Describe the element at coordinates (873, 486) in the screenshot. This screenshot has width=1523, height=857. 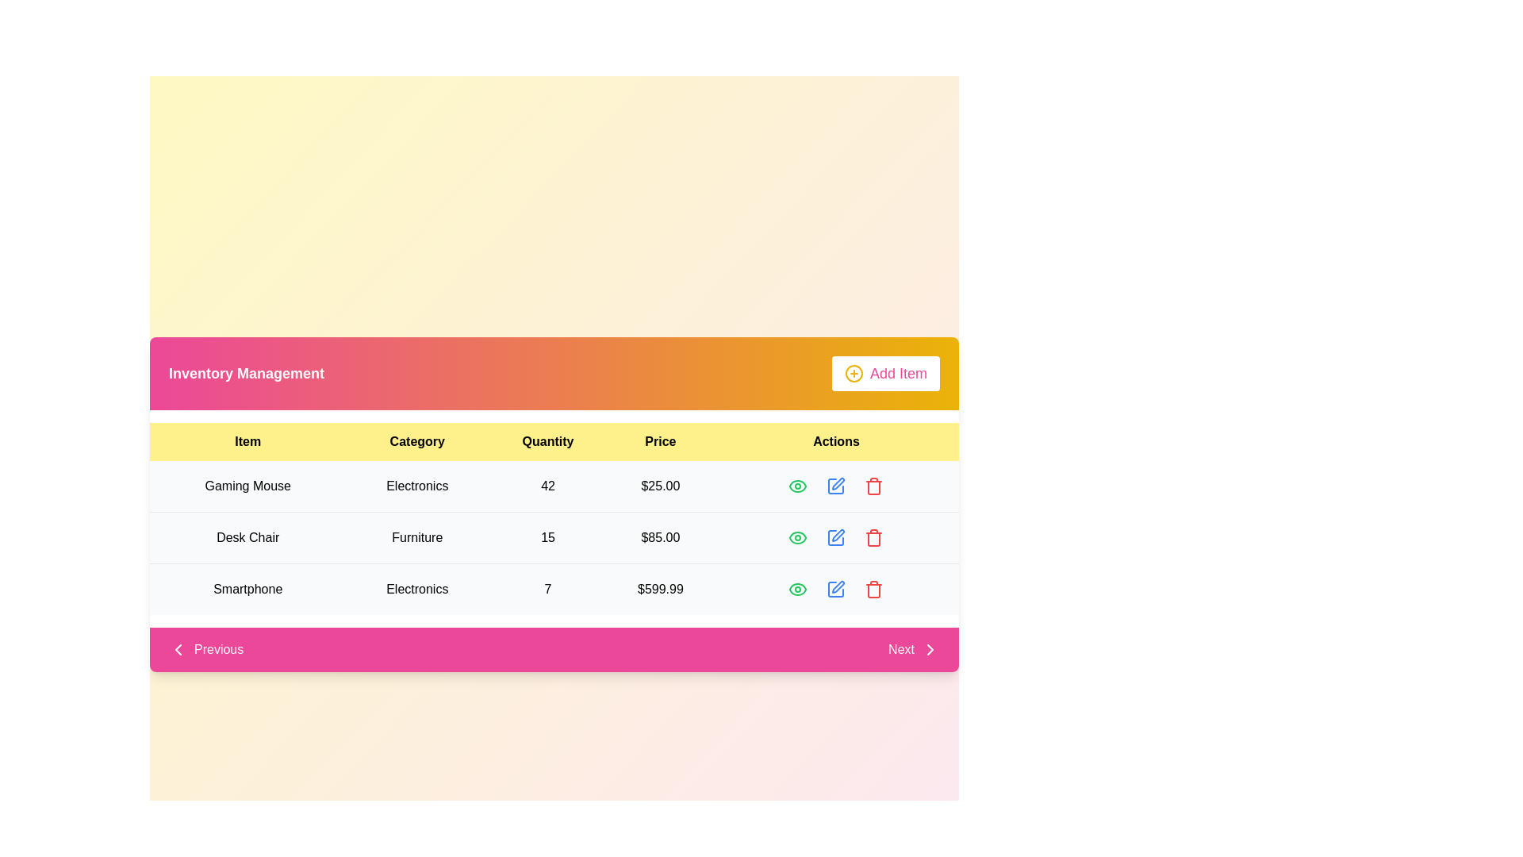
I see `the trash can icon in the 'Actions' column of the table for the 'Gaming Mouse' entry` at that location.